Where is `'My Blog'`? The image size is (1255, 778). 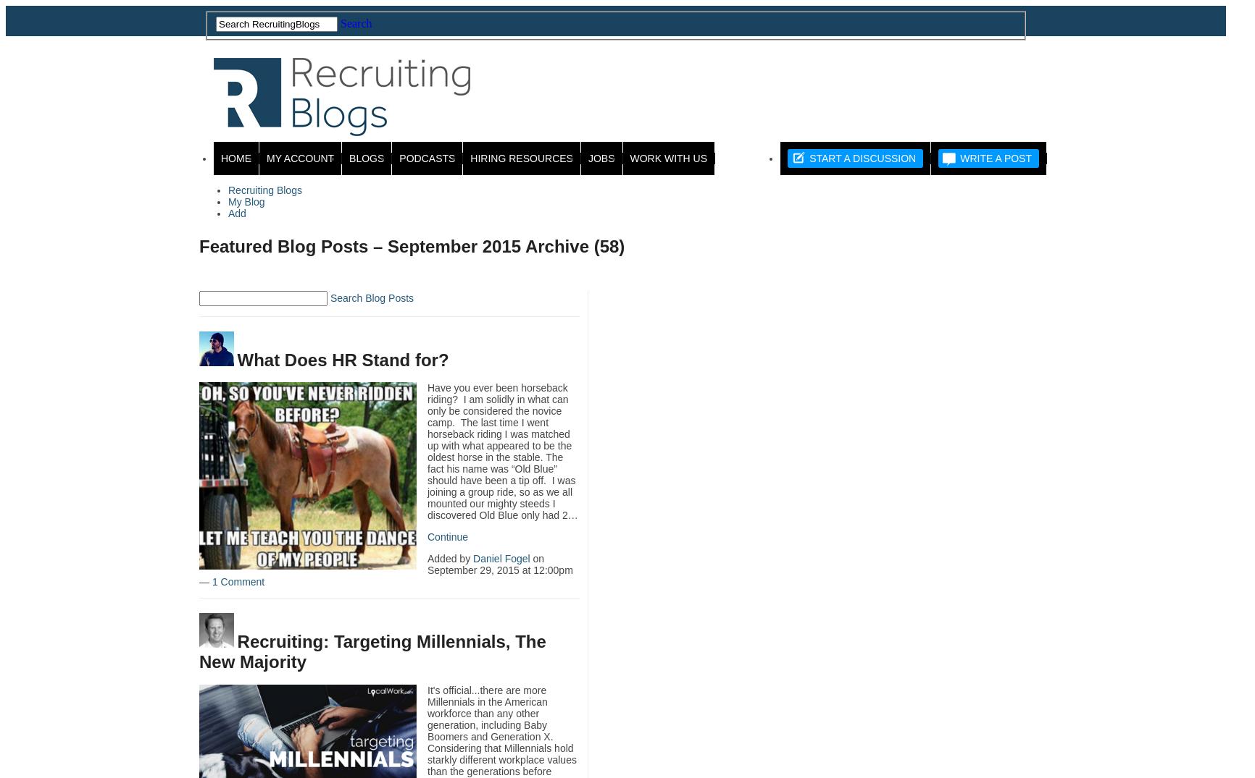 'My Blog' is located at coordinates (245, 201).